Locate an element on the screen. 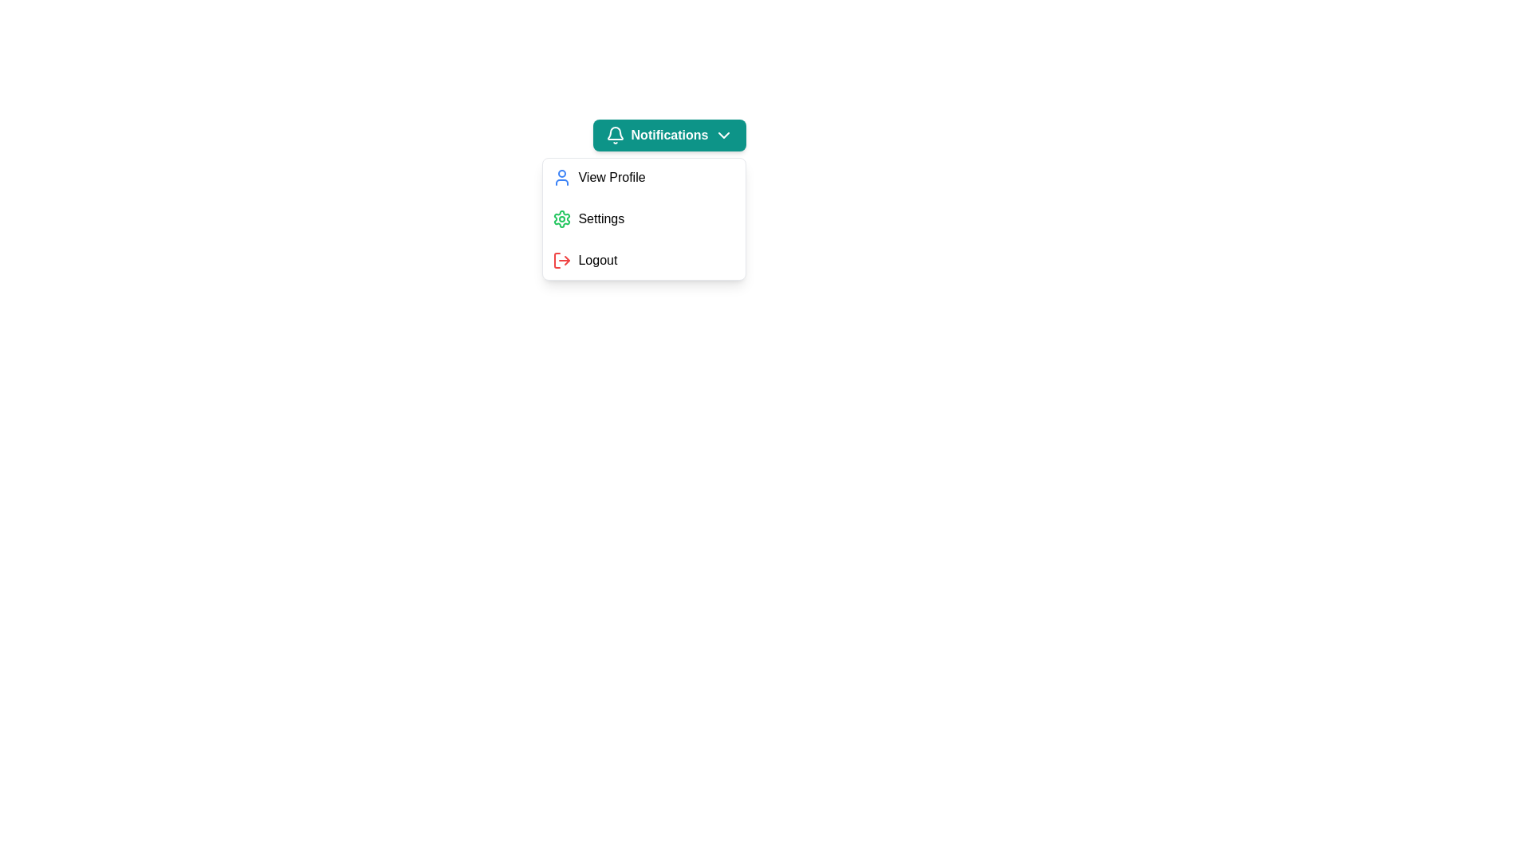 Image resolution: width=1531 pixels, height=861 pixels. the menu item View Profile to inspect it is located at coordinates (643, 178).